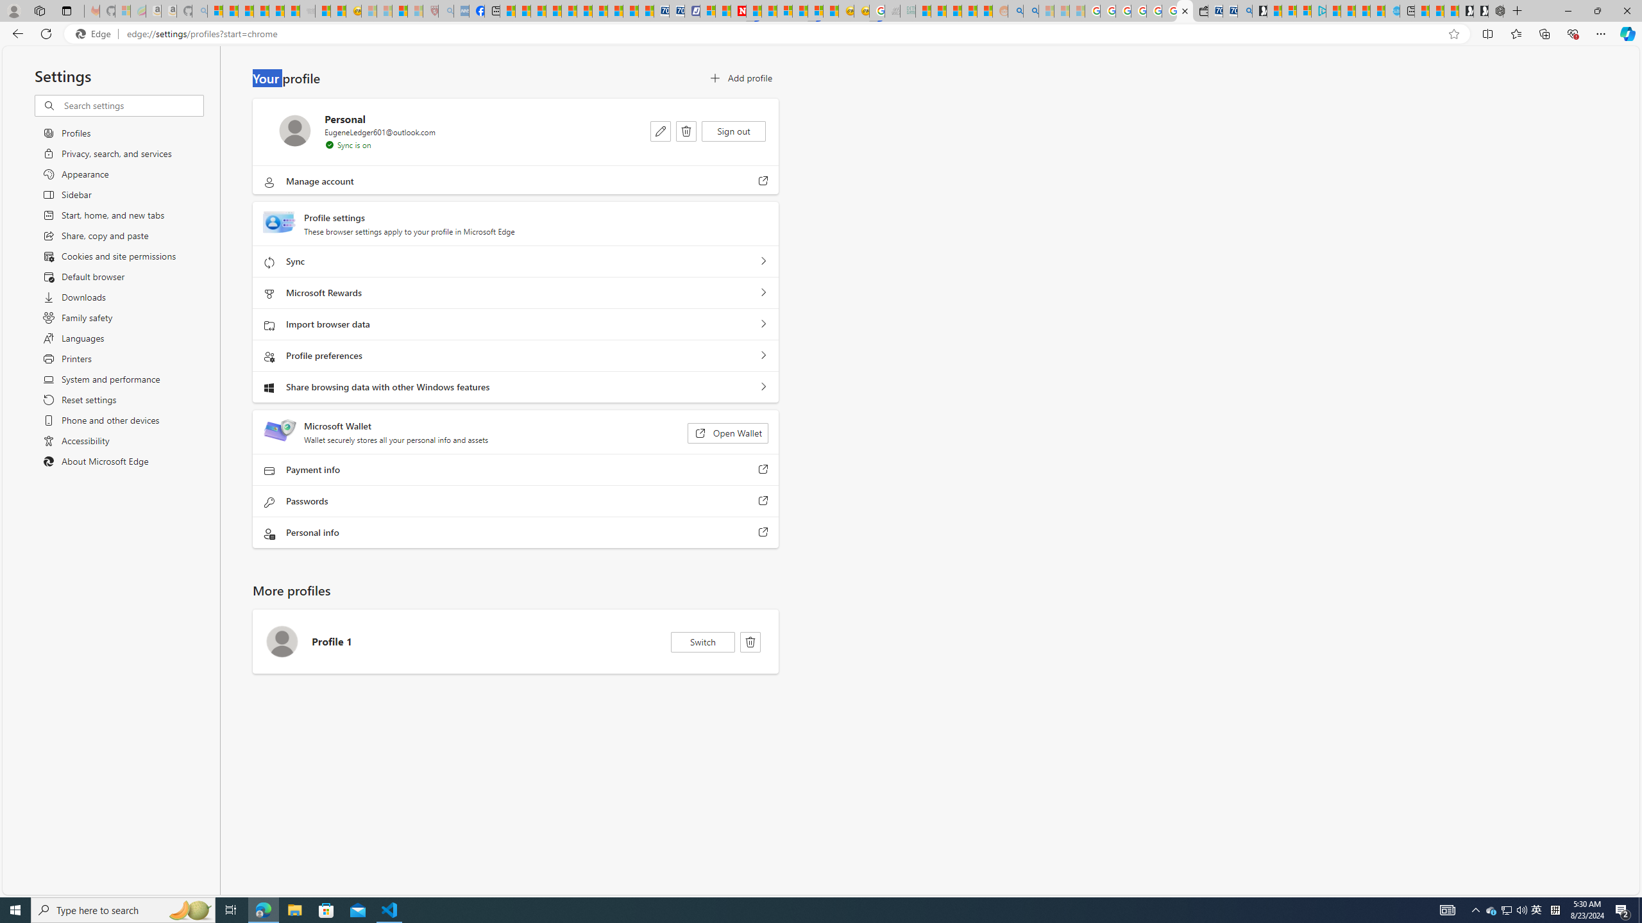 This screenshot has height=923, width=1642. Describe the element at coordinates (892, 10) in the screenshot. I see `'Navy Quest'` at that location.